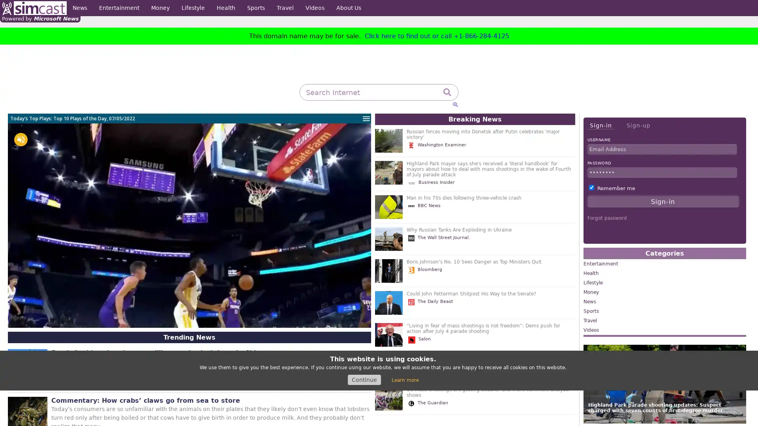 This screenshot has width=758, height=426. Describe the element at coordinates (364, 379) in the screenshot. I see `Continue` at that location.